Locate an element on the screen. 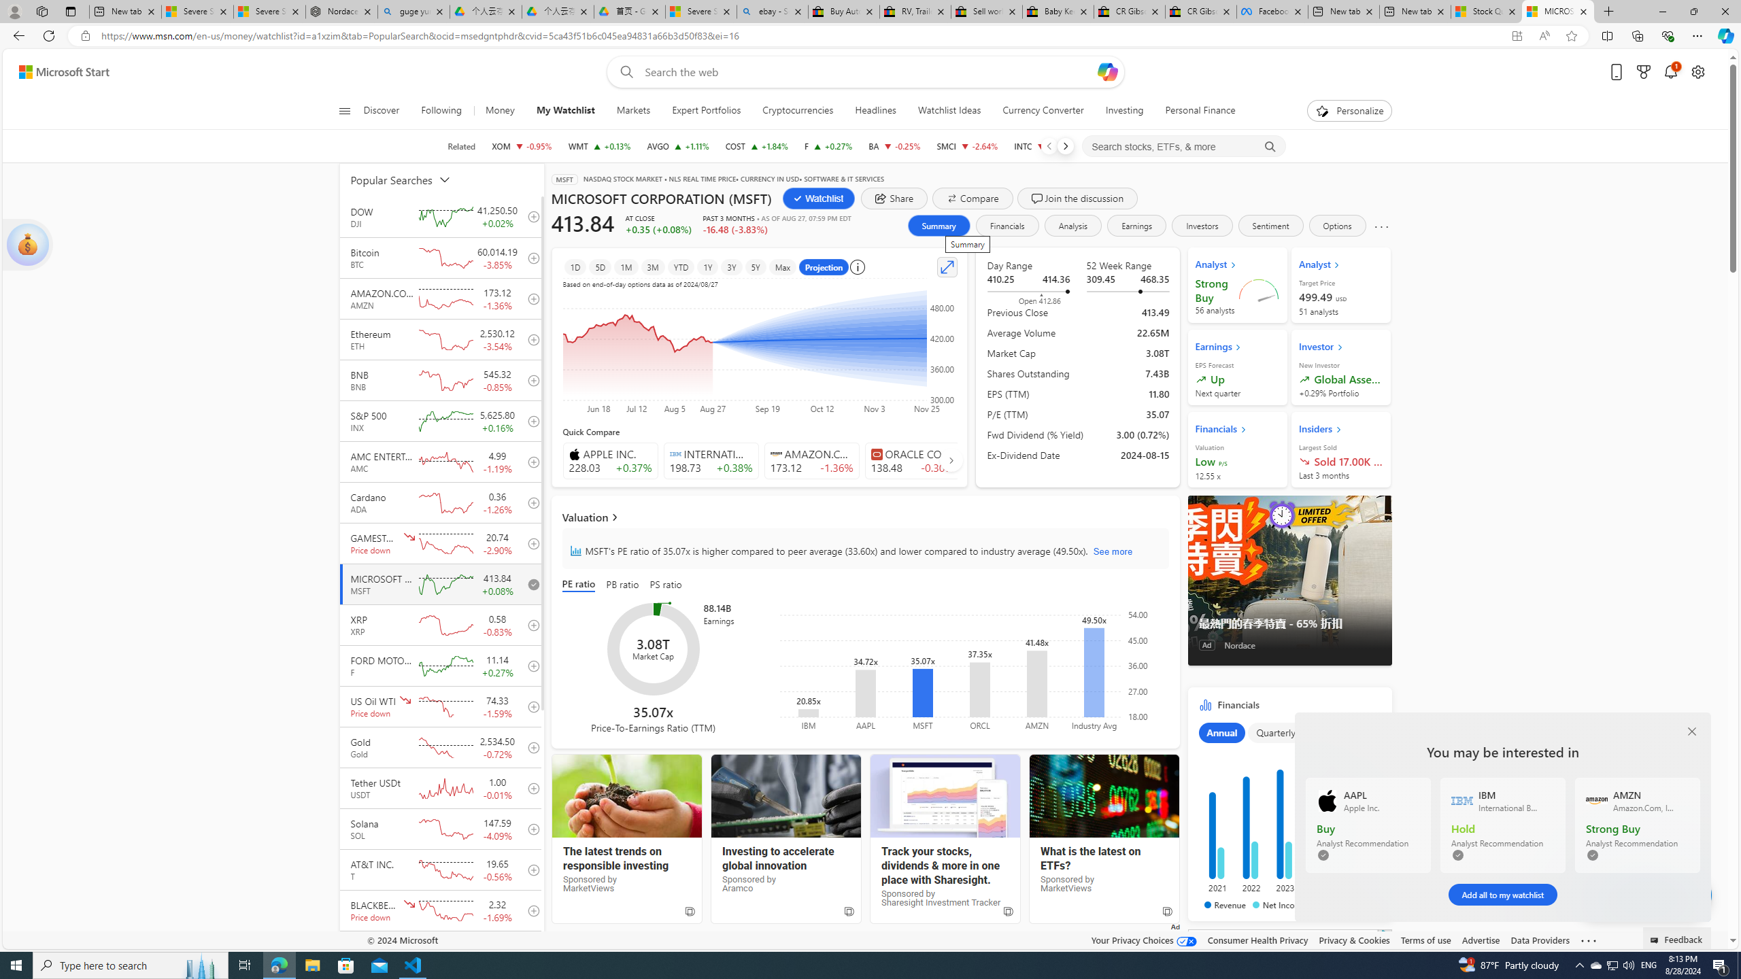 This screenshot has width=1741, height=979. 'Headlines' is located at coordinates (875, 110).